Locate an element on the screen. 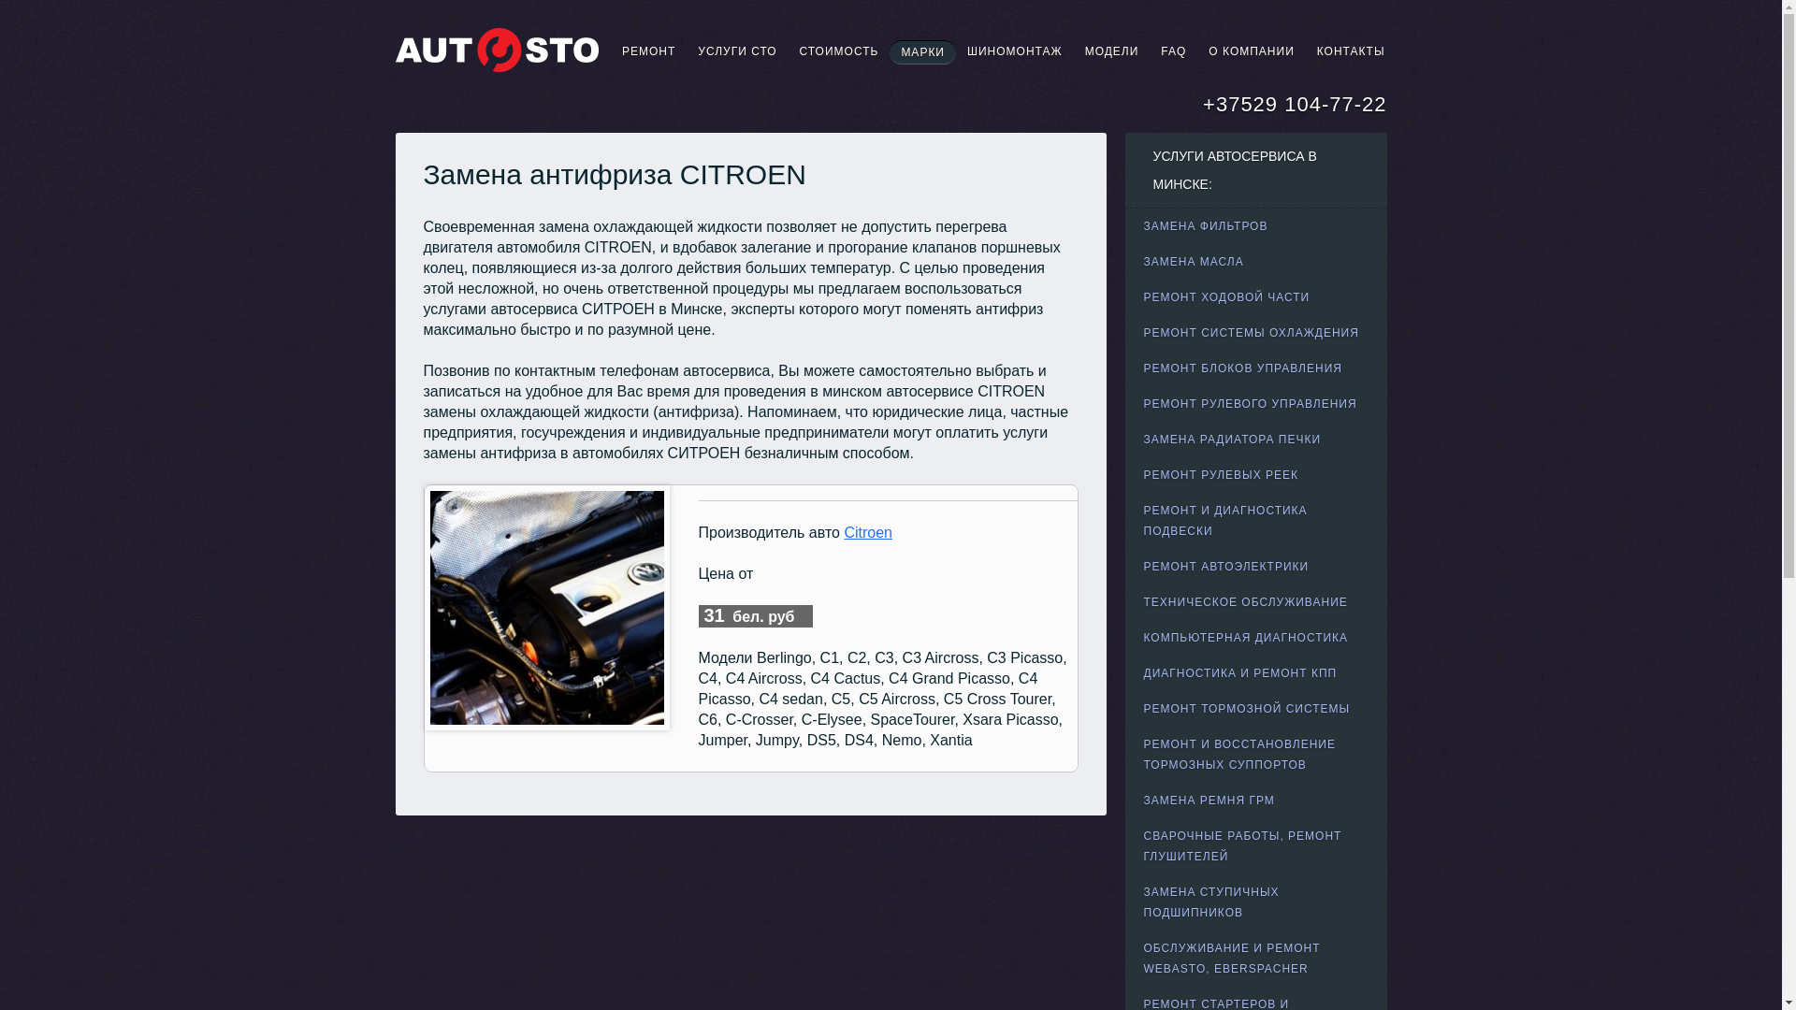  'FAQ' is located at coordinates (1172, 50).